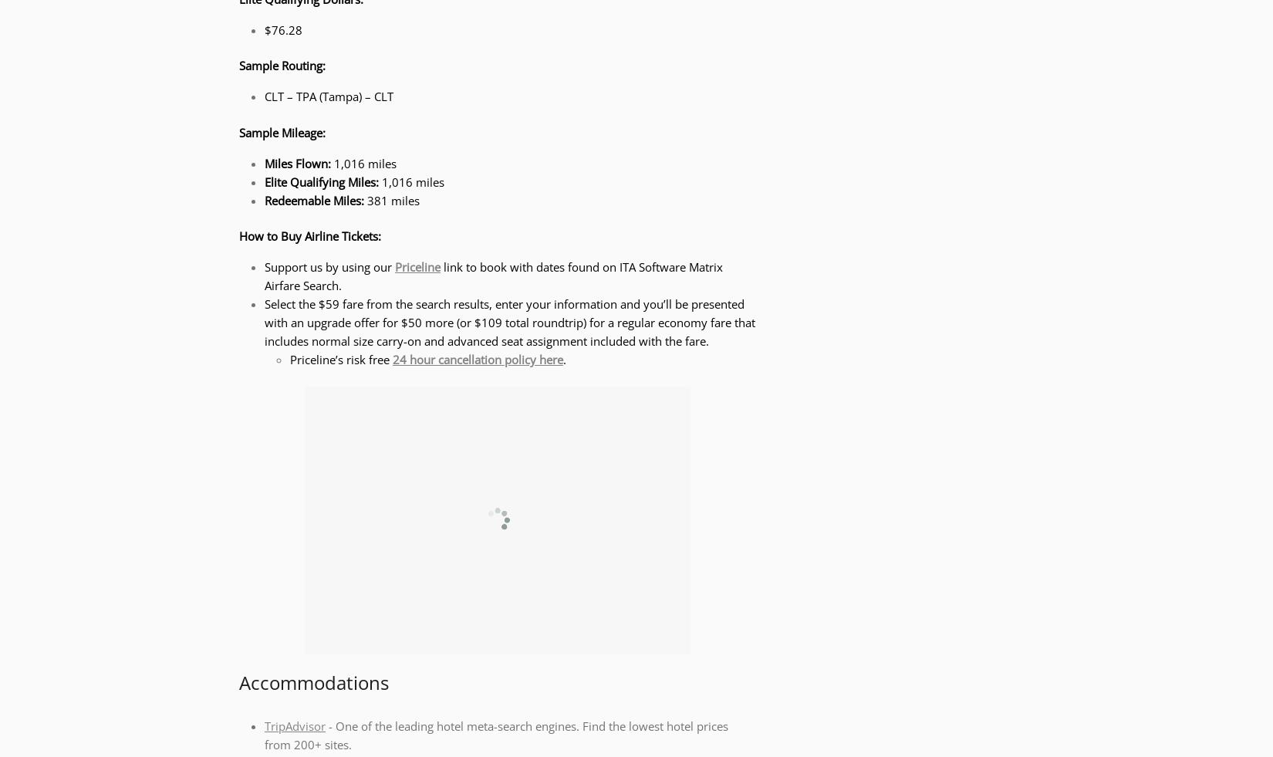 This screenshot has width=1273, height=757. What do you see at coordinates (309, 235) in the screenshot?
I see `'How to Buy Airline Tickets:'` at bounding box center [309, 235].